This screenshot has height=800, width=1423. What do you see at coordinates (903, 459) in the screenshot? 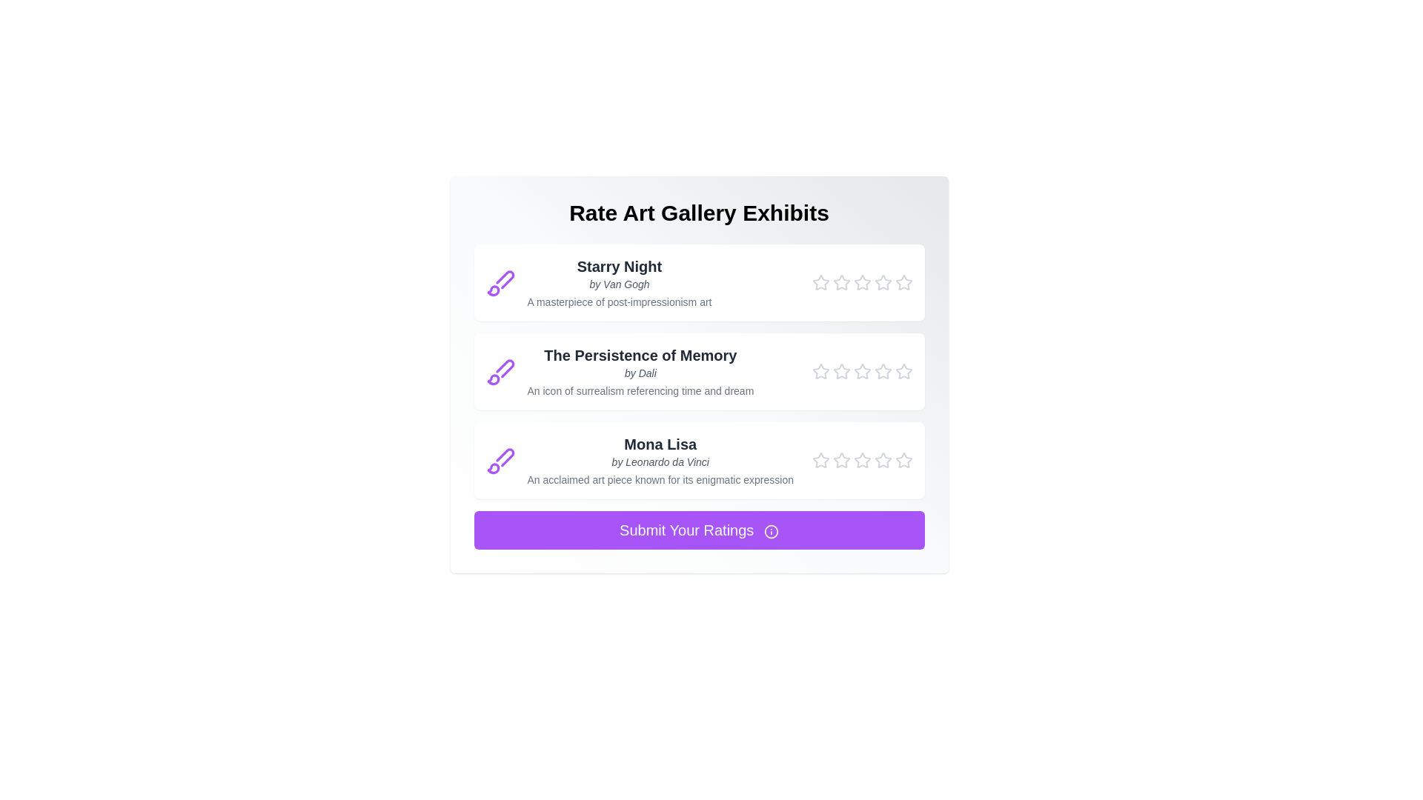
I see `the star corresponding to 5 for the painting titled Mona Lisa to set its rating` at bounding box center [903, 459].